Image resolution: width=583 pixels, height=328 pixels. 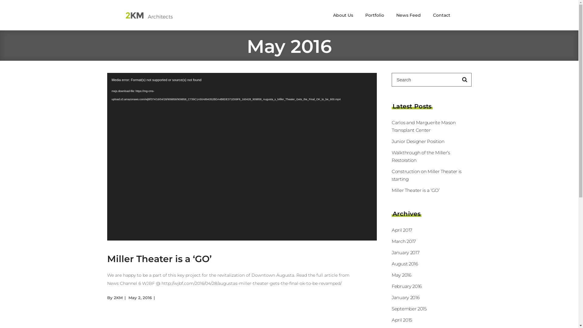 What do you see at coordinates (401, 275) in the screenshot?
I see `'May 2016'` at bounding box center [401, 275].